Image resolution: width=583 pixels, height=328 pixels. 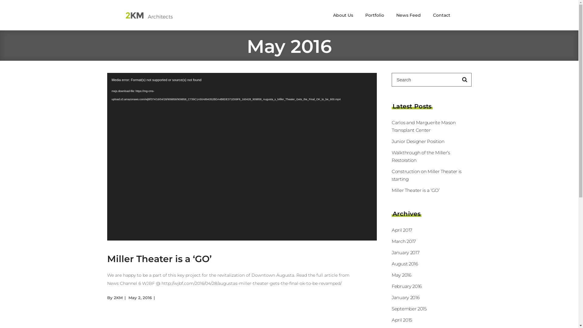 What do you see at coordinates (401, 275) in the screenshot?
I see `'May 2016'` at bounding box center [401, 275].